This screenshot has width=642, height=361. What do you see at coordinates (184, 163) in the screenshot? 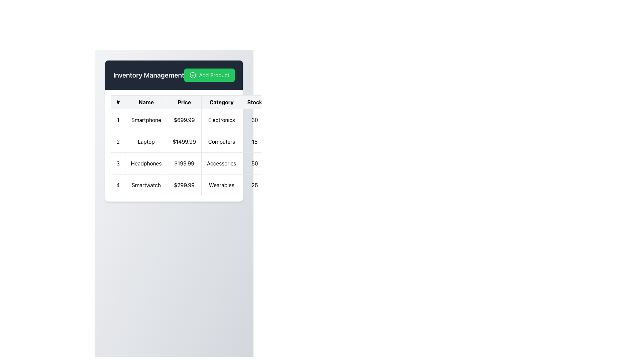
I see `the text label displaying the price '$199.99' for the item 'Headphones', located in the third row and third column of the table` at bounding box center [184, 163].